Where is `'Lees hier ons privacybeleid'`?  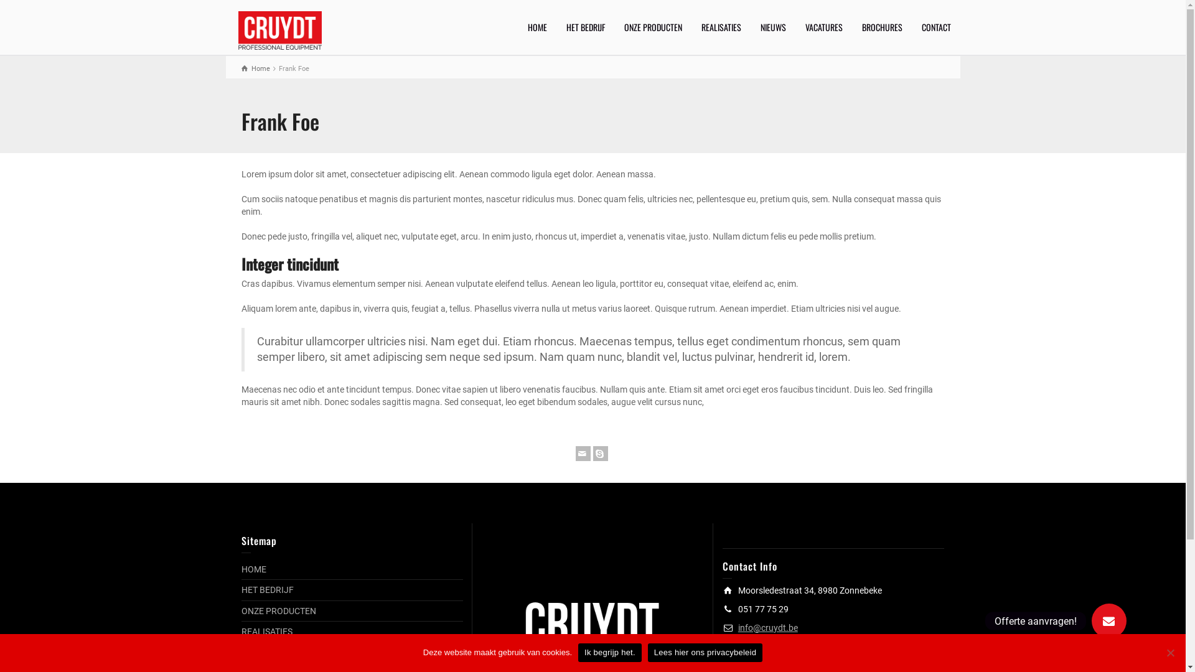
'Lees hier ons privacybeleid' is located at coordinates (705, 652).